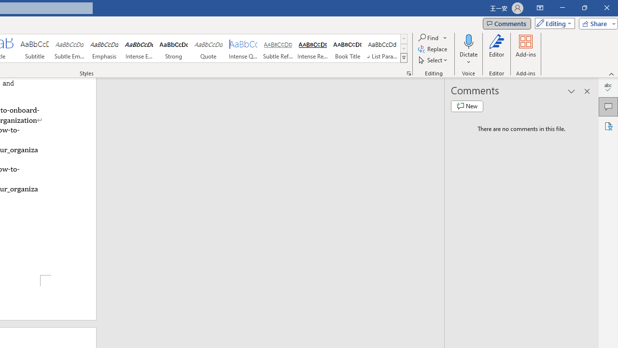  What do you see at coordinates (539, 8) in the screenshot?
I see `'Ribbon Display Options'` at bounding box center [539, 8].